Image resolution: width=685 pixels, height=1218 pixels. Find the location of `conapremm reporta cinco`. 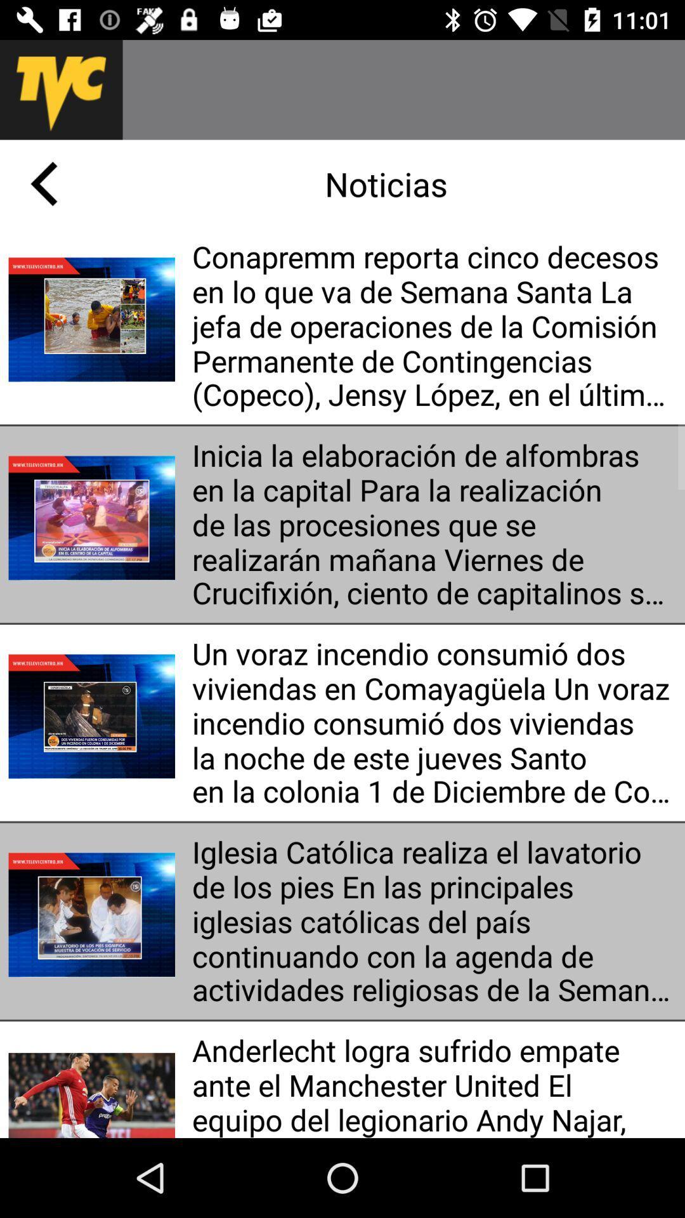

conapremm reporta cinco is located at coordinates (433, 326).